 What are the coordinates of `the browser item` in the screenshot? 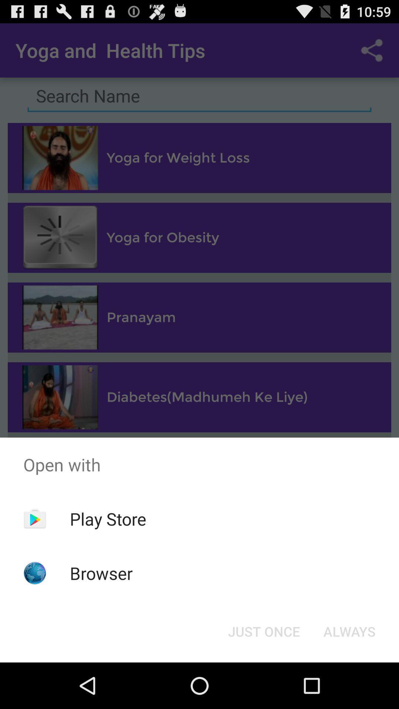 It's located at (101, 573).